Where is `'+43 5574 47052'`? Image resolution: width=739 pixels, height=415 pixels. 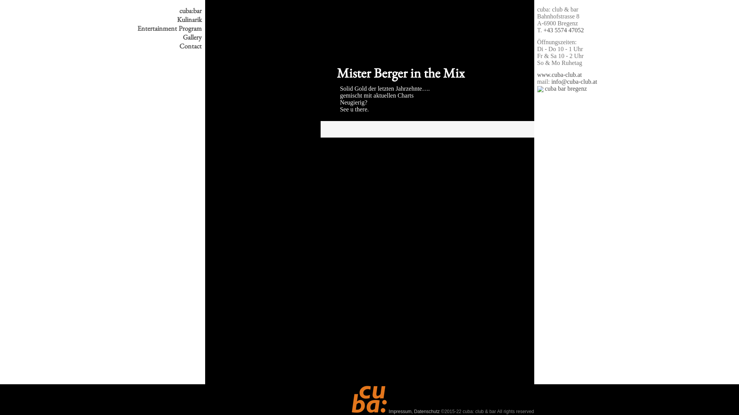
'+43 5574 47052' is located at coordinates (543, 30).